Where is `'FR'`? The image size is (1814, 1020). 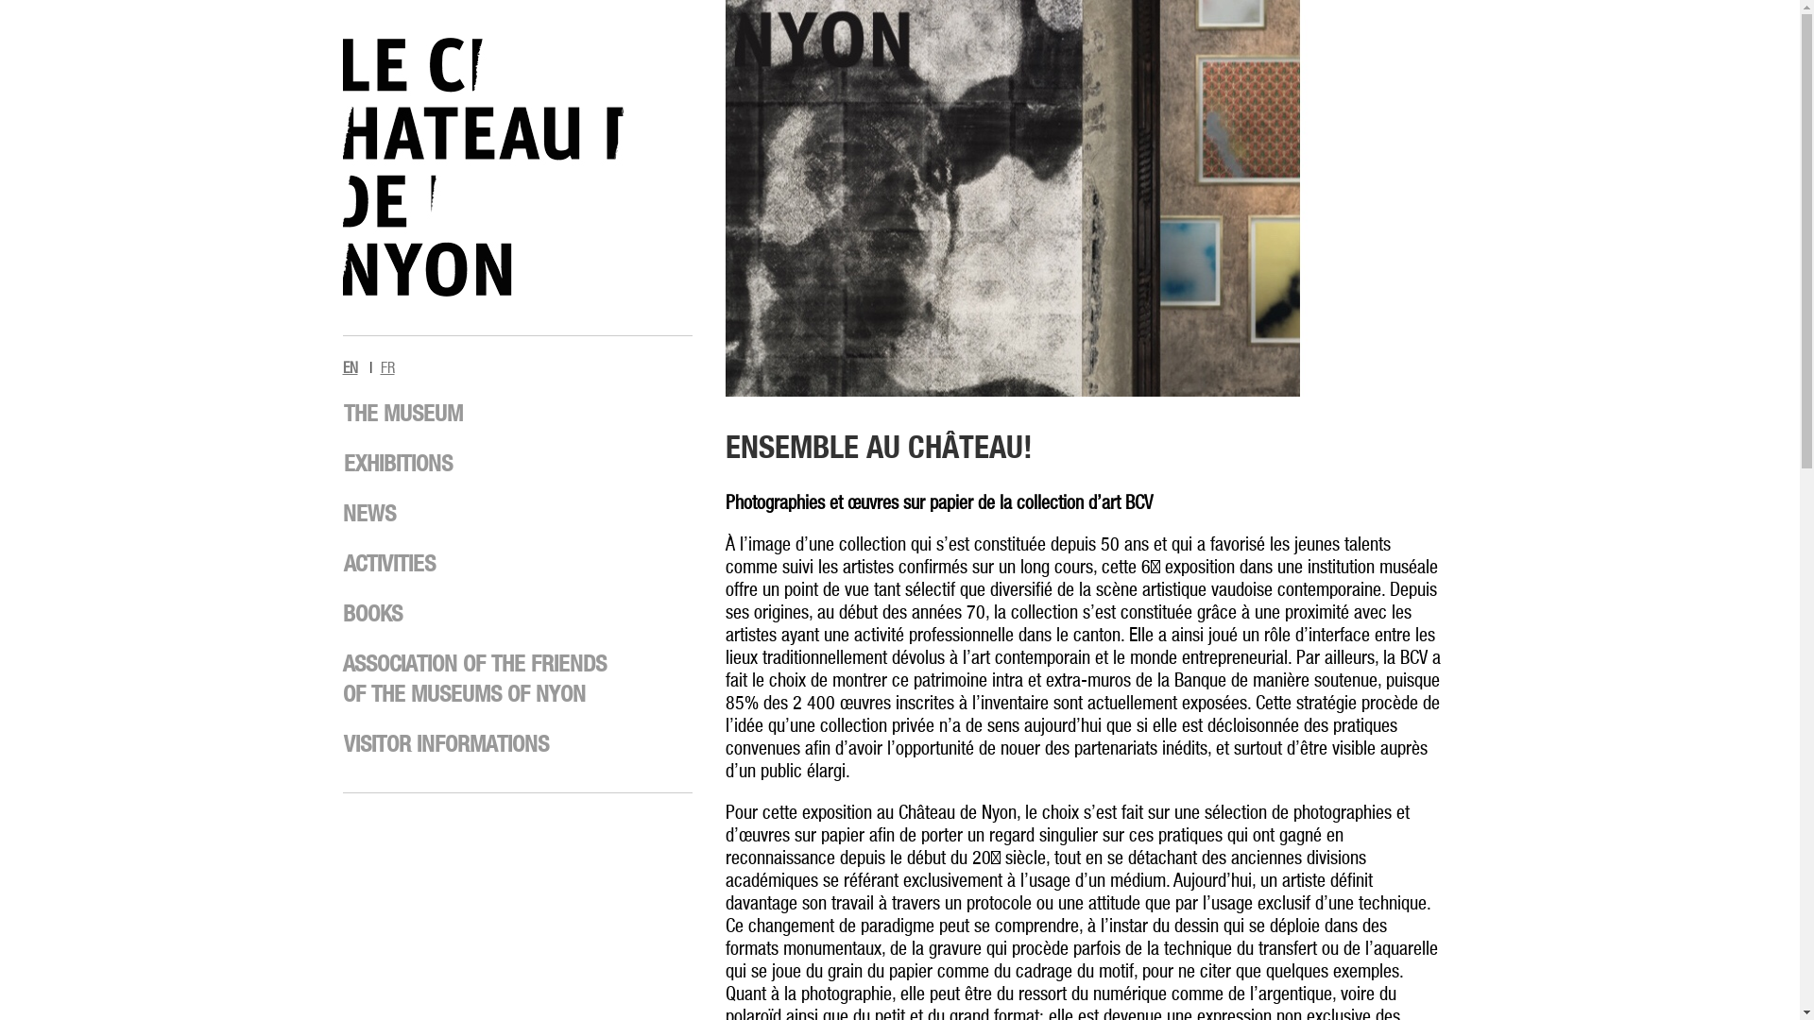 'FR' is located at coordinates (385, 367).